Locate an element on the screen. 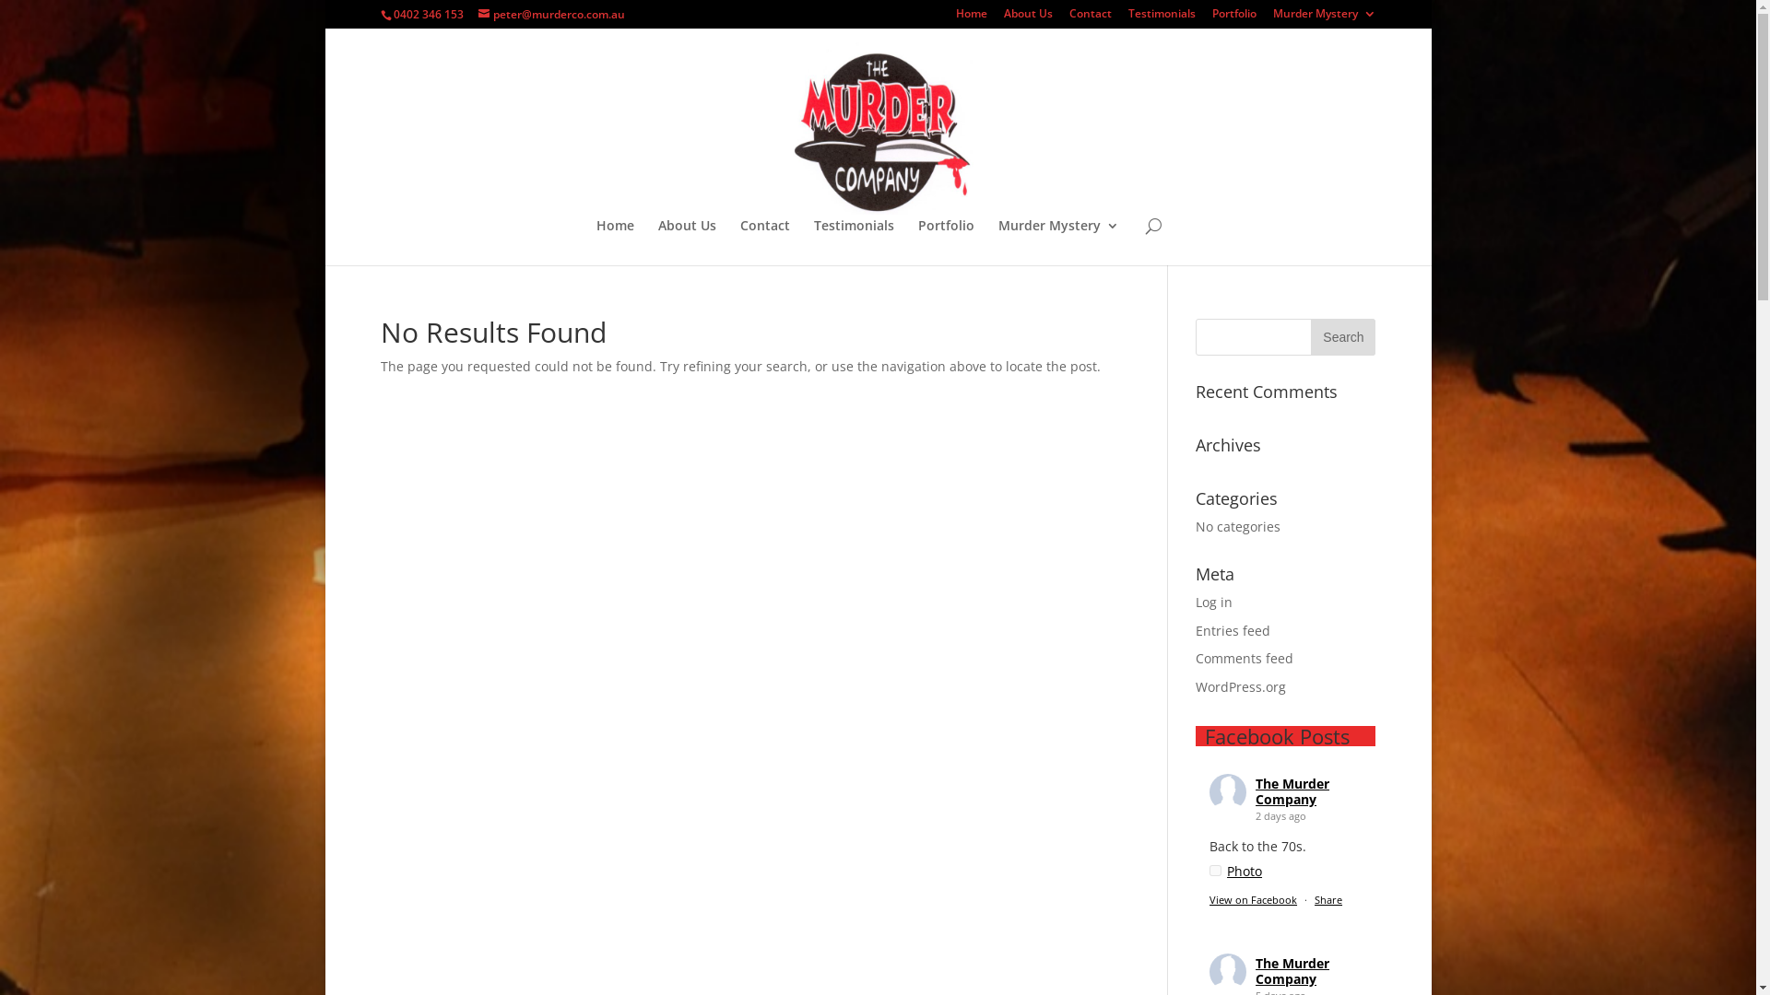  'Home' is located at coordinates (955, 18).